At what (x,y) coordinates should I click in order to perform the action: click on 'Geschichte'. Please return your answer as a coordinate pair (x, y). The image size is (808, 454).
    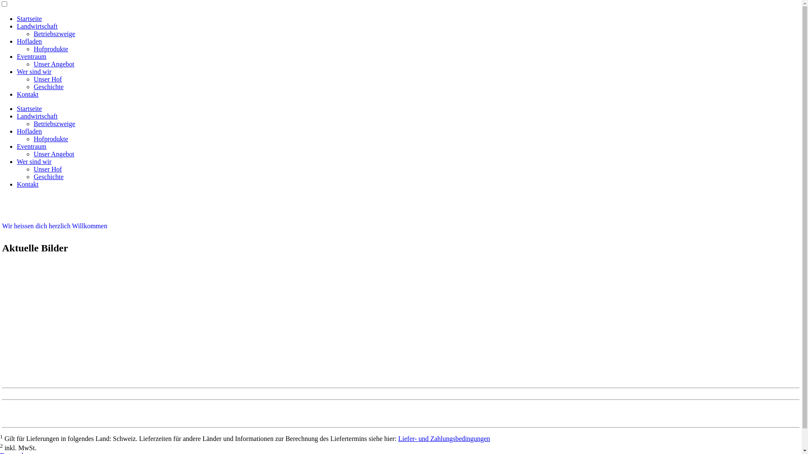
    Looking at the image, I should click on (48, 176).